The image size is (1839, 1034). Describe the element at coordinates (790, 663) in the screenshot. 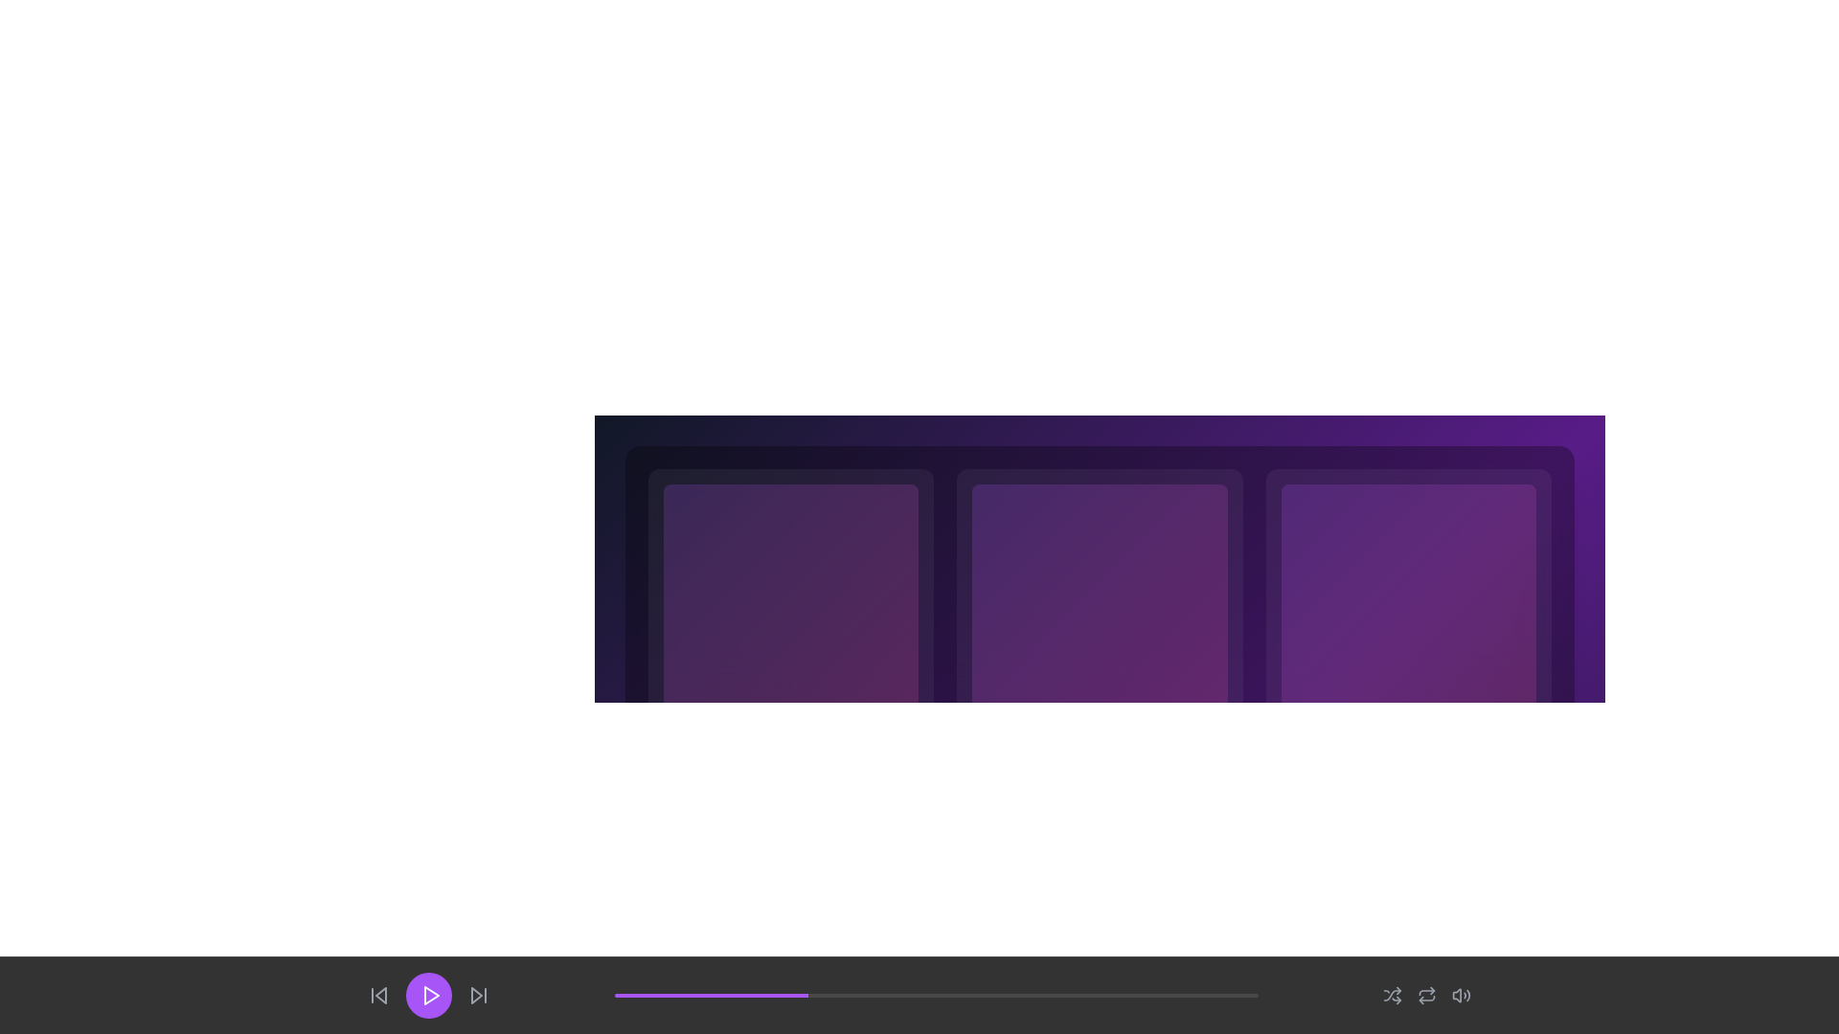

I see `the first multimedia card in the top left of the grid layout` at that location.